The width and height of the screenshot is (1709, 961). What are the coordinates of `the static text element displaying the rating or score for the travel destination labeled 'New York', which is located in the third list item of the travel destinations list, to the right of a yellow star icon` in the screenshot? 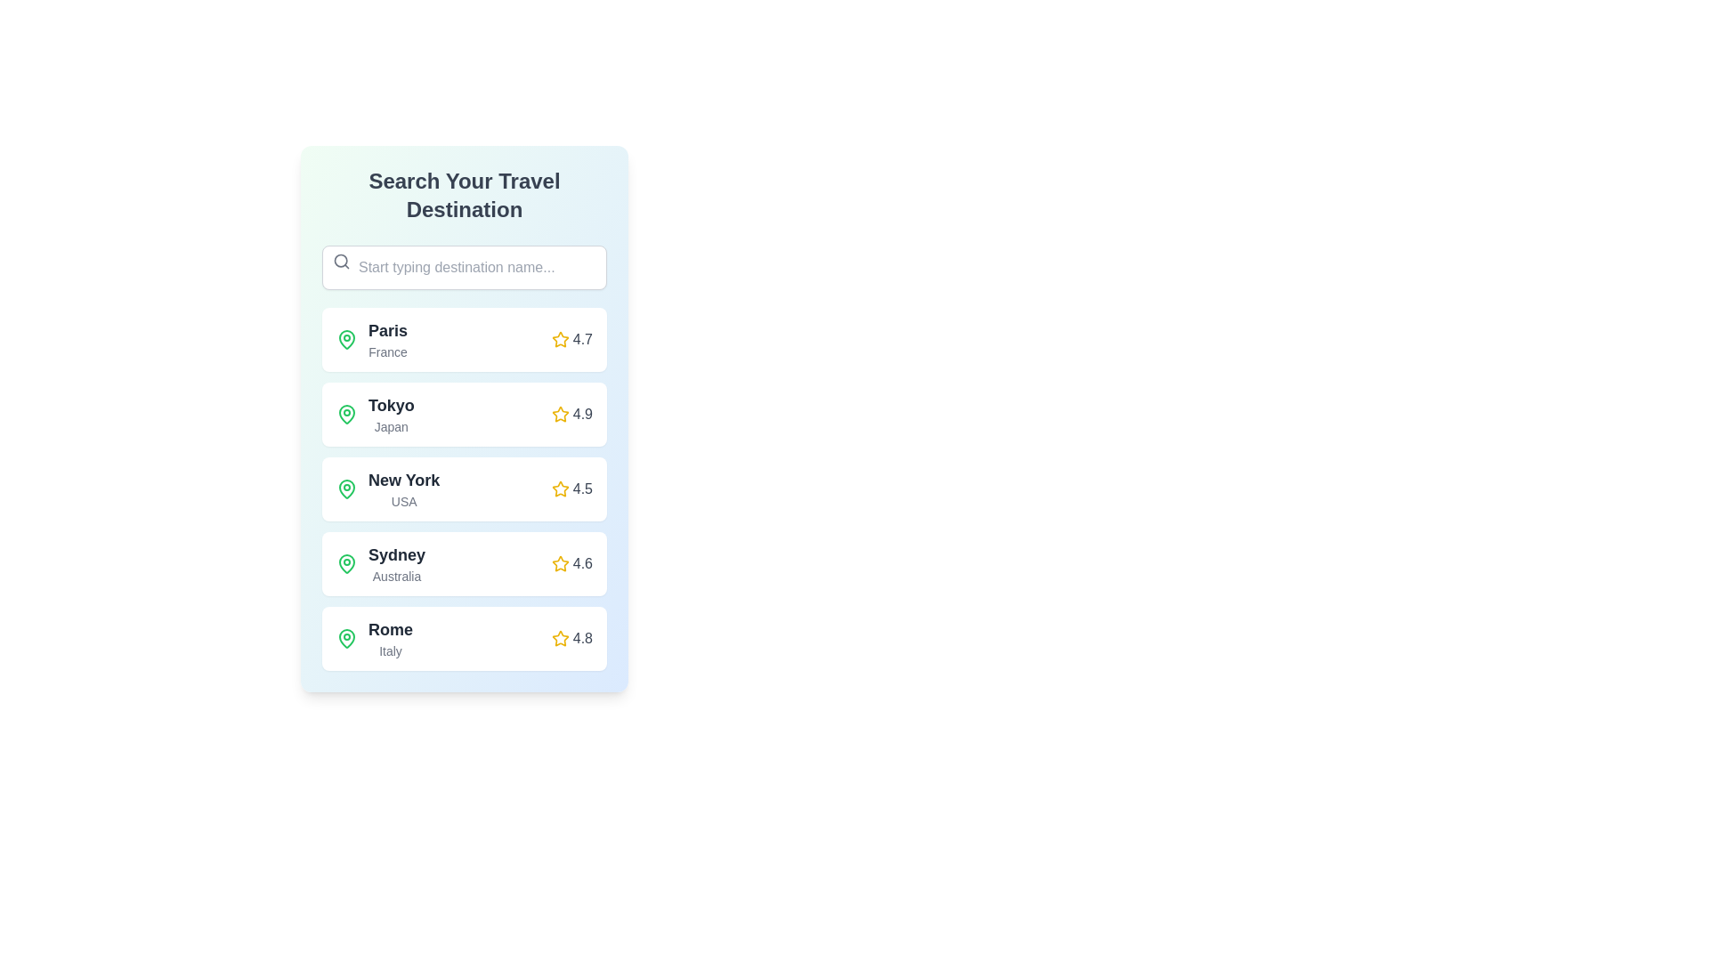 It's located at (582, 489).